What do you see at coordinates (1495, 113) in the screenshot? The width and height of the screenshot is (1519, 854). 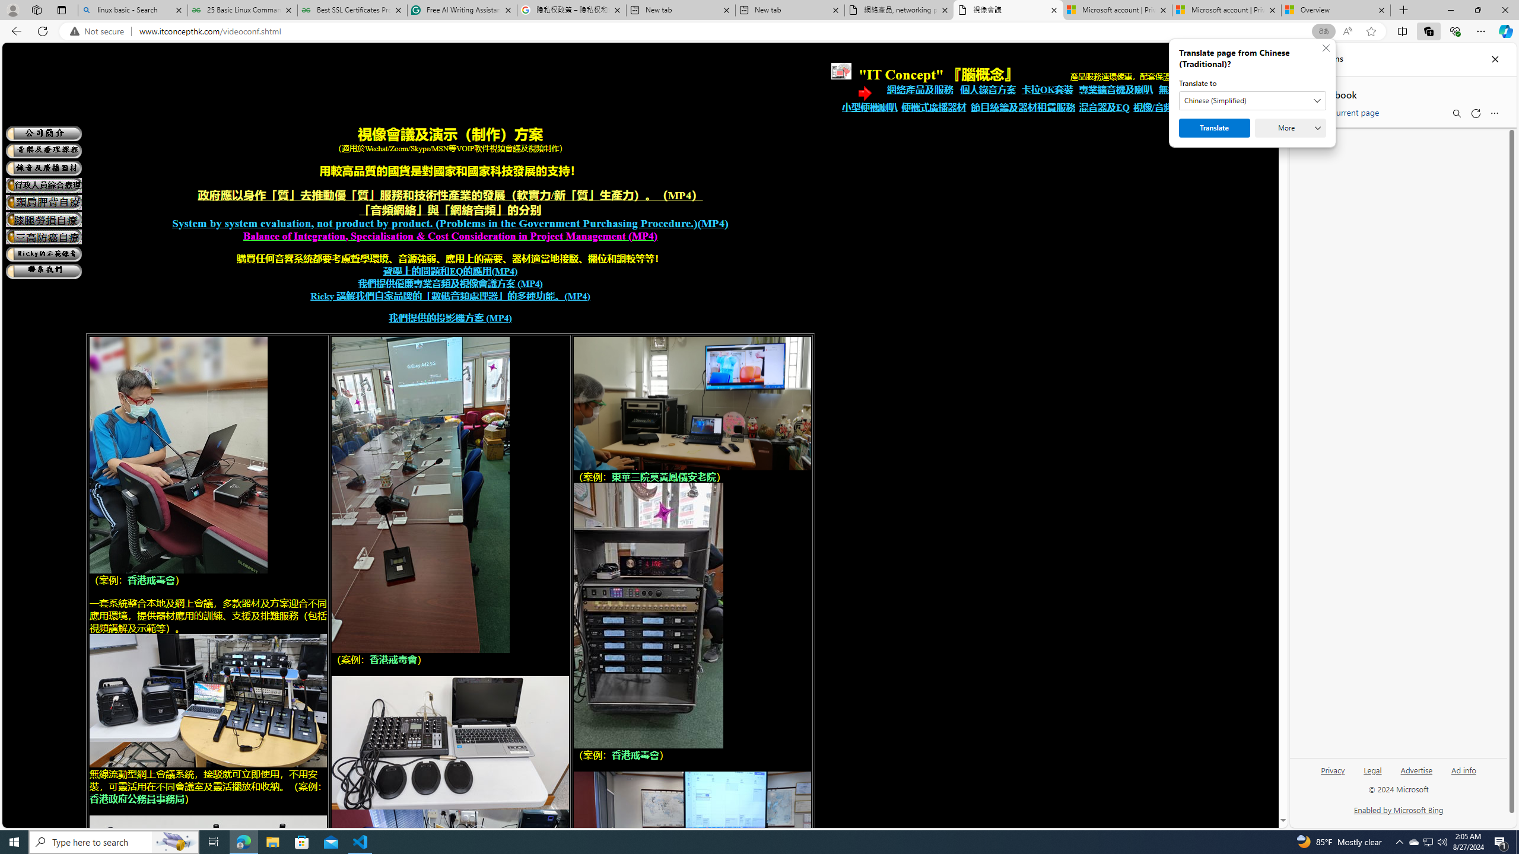 I see `'More options menu'` at bounding box center [1495, 113].